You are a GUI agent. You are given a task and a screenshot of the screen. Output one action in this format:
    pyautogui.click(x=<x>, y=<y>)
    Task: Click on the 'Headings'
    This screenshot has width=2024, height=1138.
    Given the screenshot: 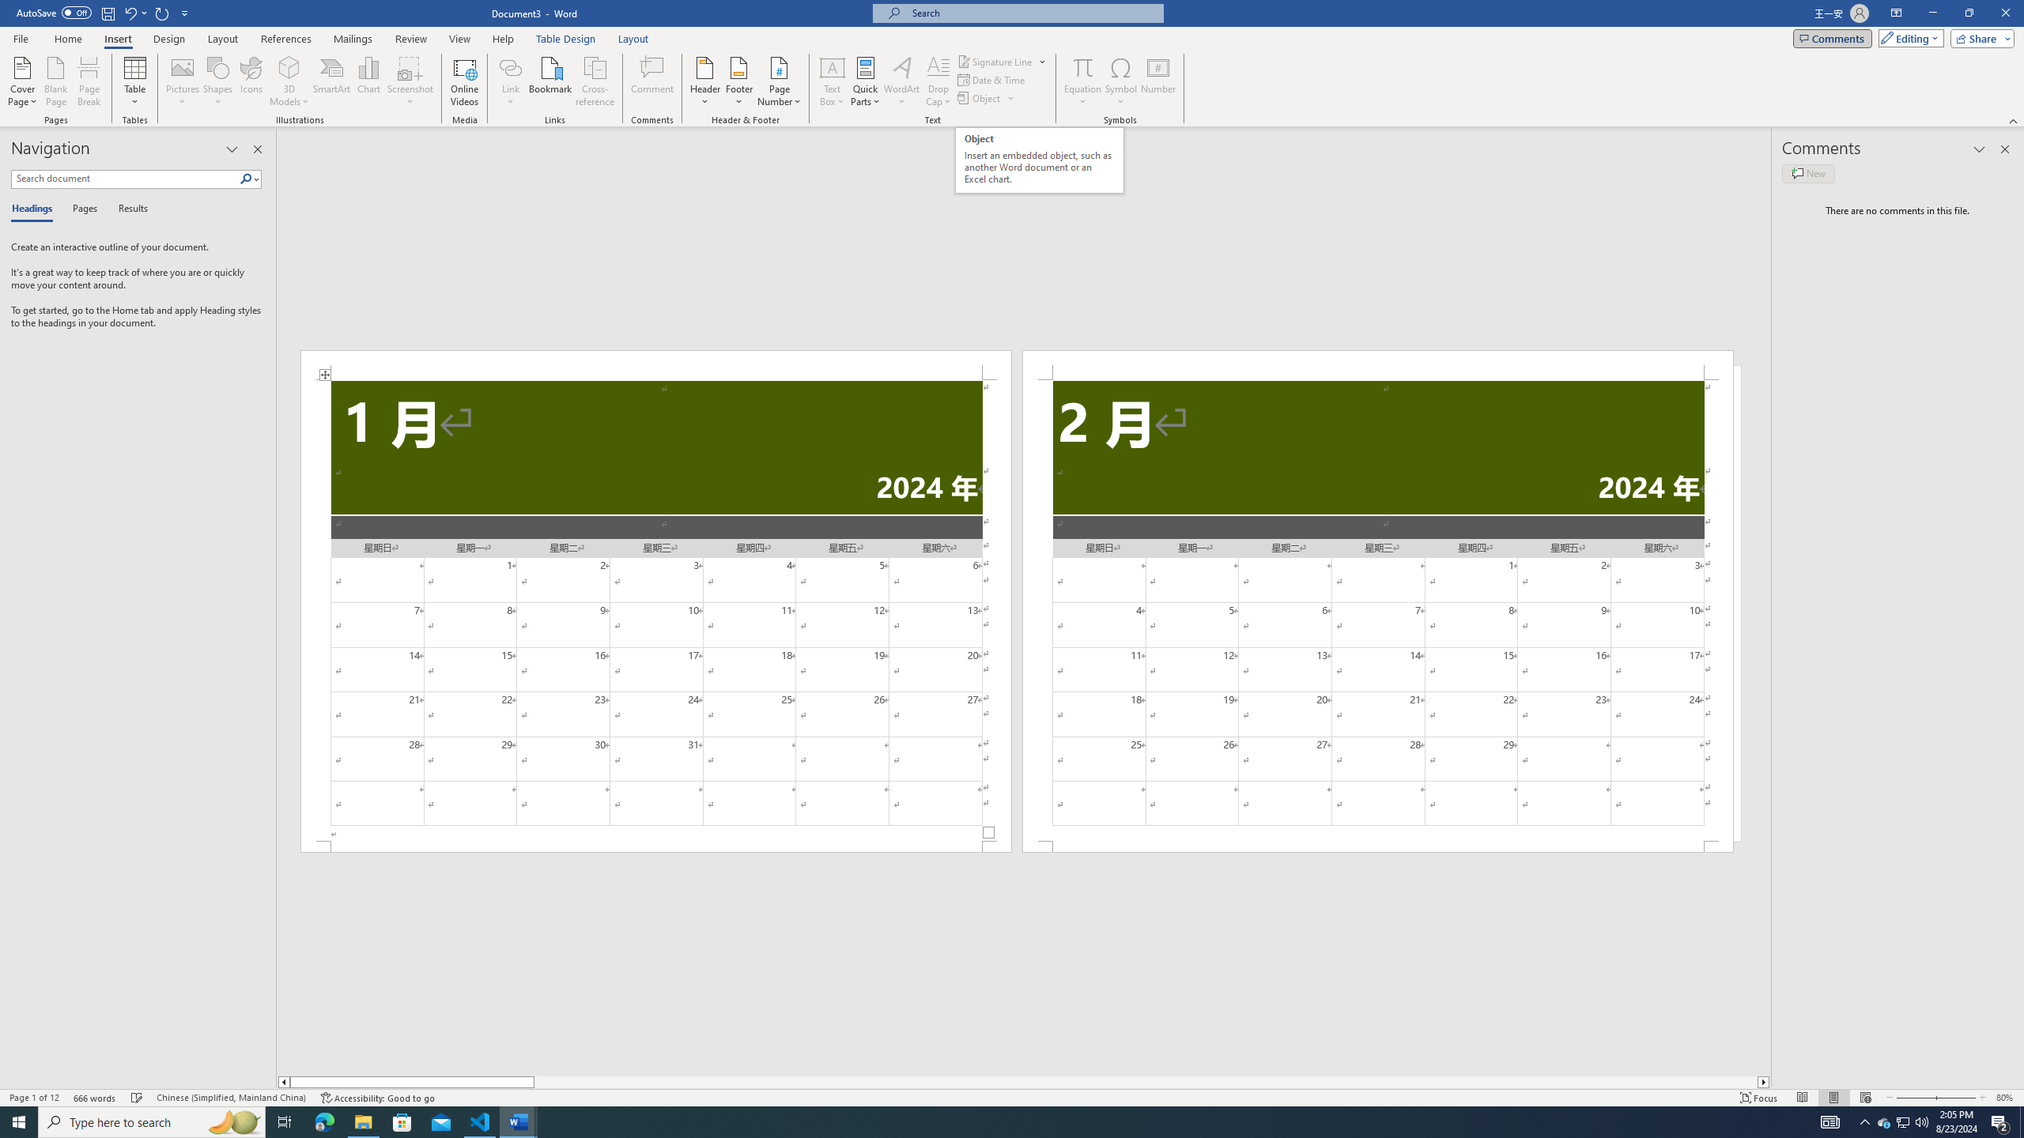 What is the action you would take?
    pyautogui.click(x=35, y=209)
    